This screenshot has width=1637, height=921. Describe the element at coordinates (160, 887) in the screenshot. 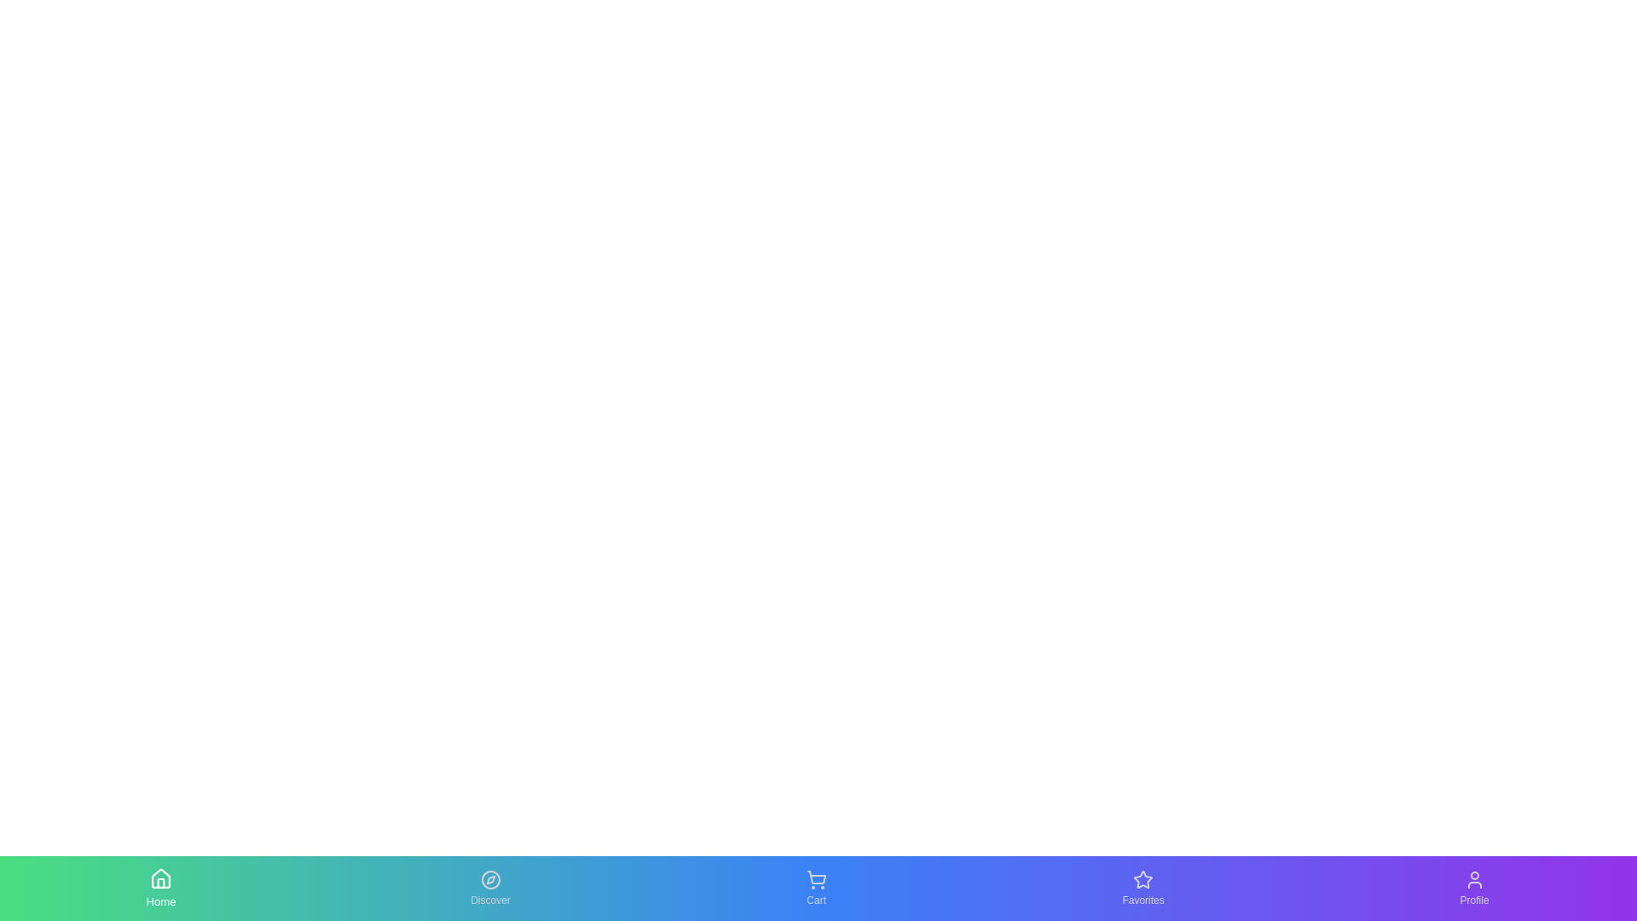

I see `the Home tab to see the hover effect` at that location.